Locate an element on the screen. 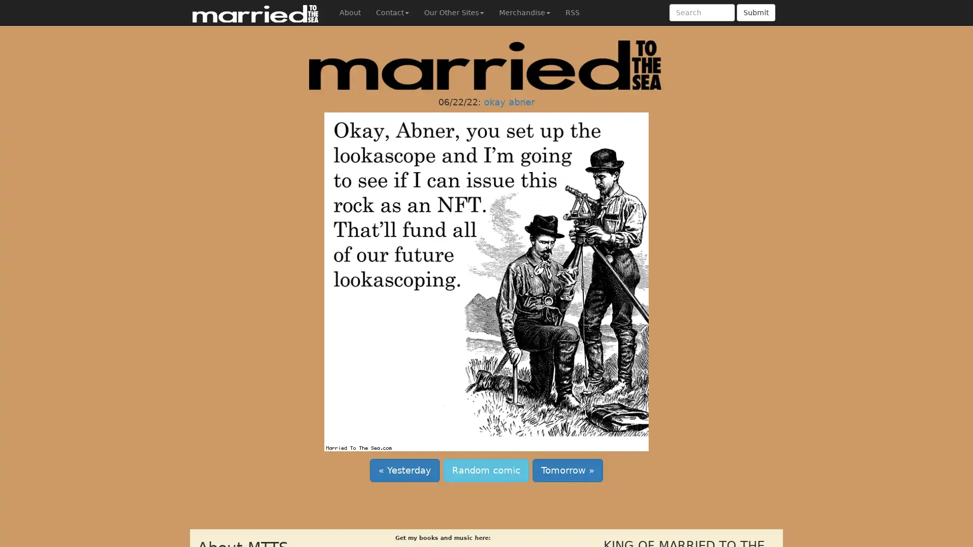  Submit is located at coordinates (756, 12).